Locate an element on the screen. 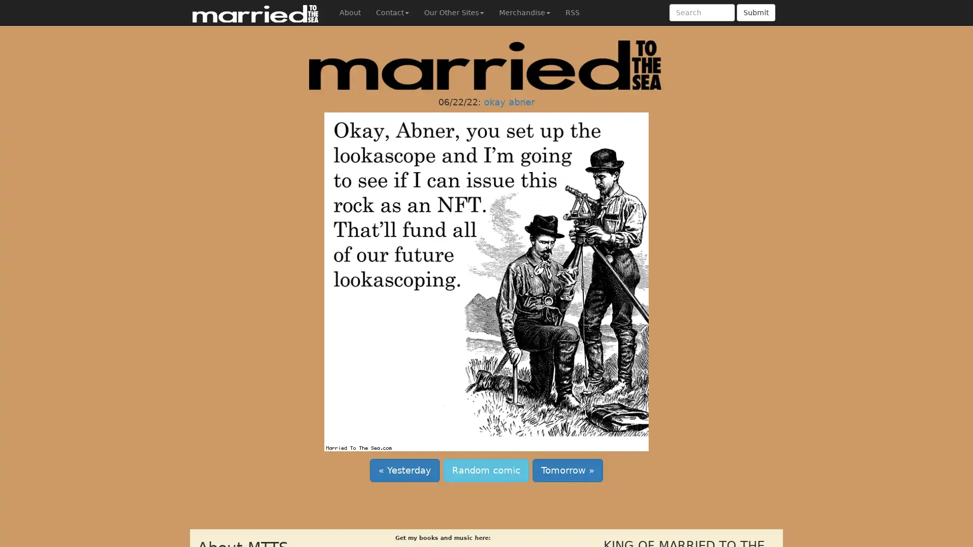  Submit is located at coordinates (756, 12).